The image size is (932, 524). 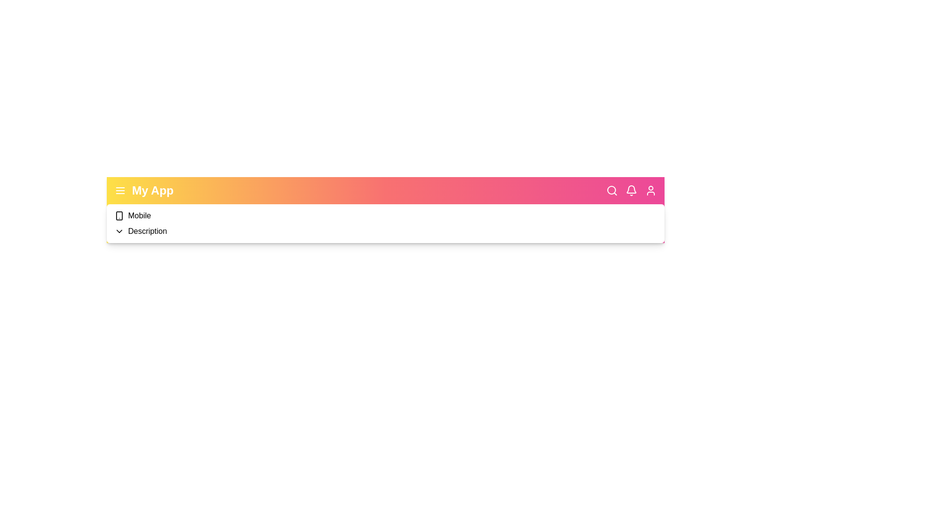 What do you see at coordinates (147, 231) in the screenshot?
I see `the 'Description' dropdown item` at bounding box center [147, 231].